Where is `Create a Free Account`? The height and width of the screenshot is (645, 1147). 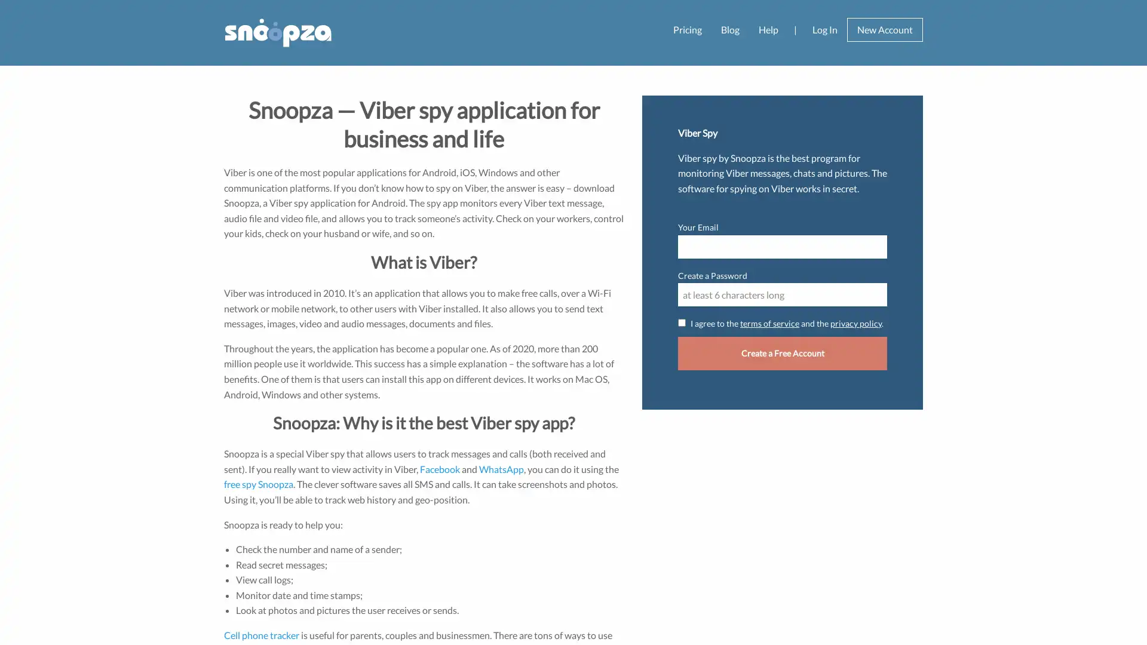 Create a Free Account is located at coordinates (783, 352).